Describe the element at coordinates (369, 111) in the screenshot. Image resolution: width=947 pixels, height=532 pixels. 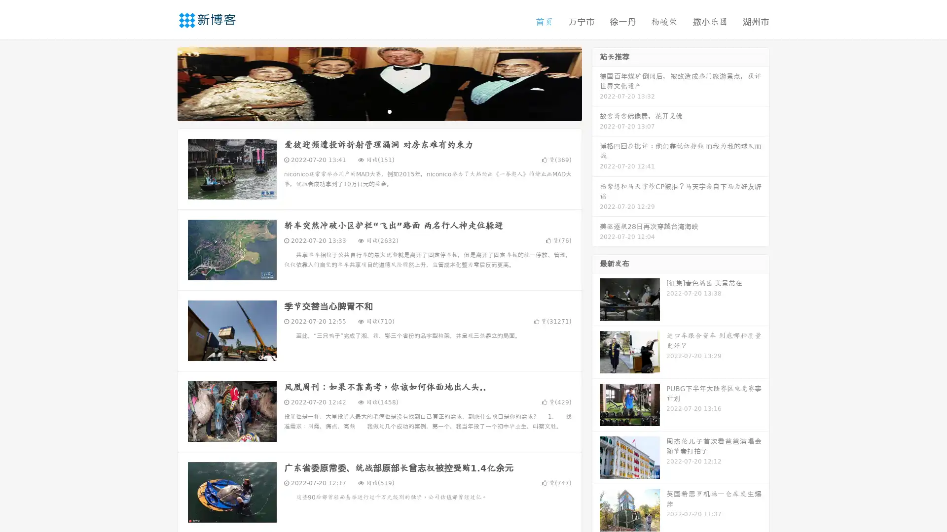
I see `Go to slide 1` at that location.